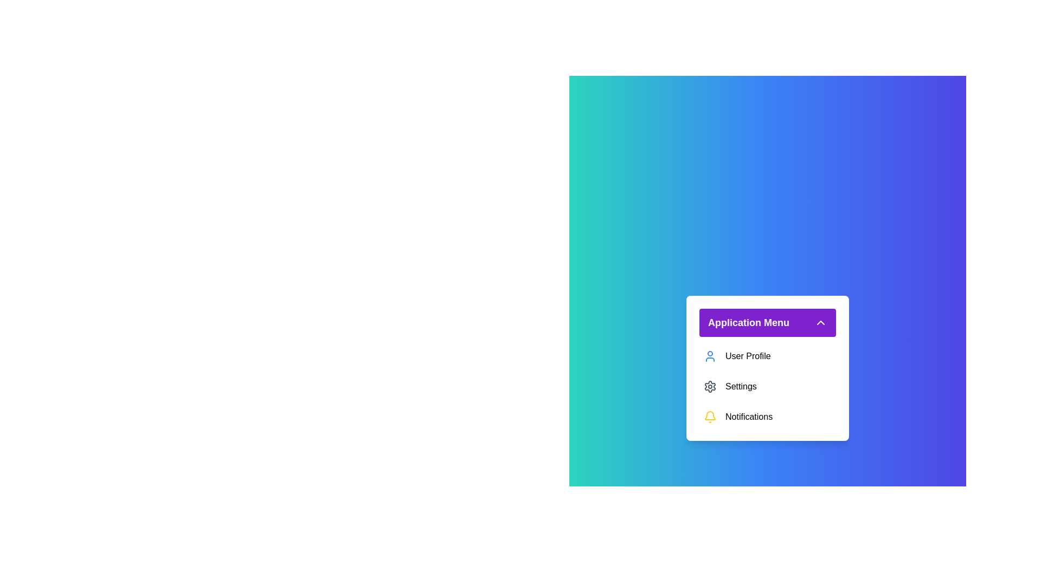 The height and width of the screenshot is (585, 1041). Describe the element at coordinates (767, 356) in the screenshot. I see `the 'User Profile' menu item` at that location.